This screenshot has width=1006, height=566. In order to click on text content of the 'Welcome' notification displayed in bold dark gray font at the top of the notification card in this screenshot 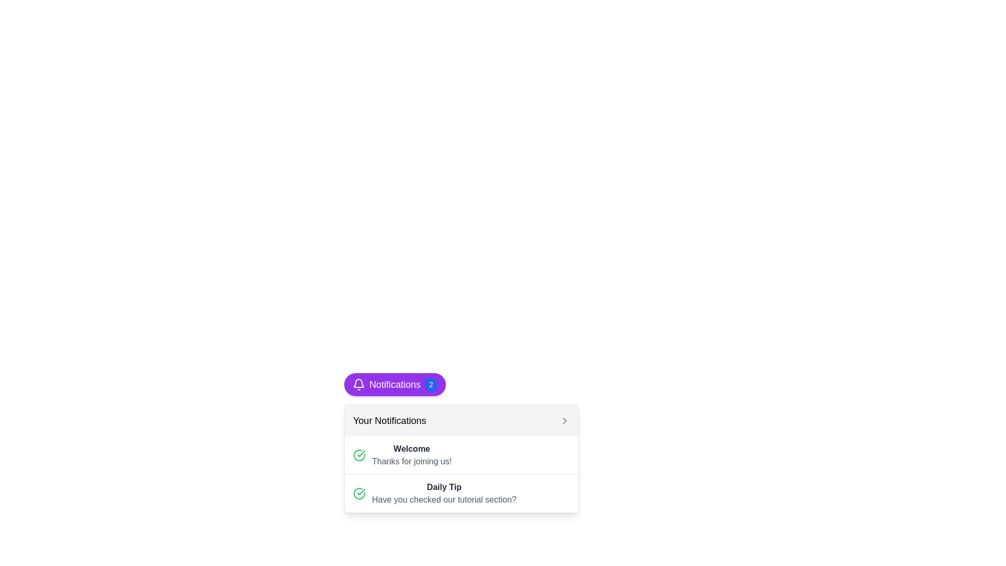, I will do `click(411, 448)`.